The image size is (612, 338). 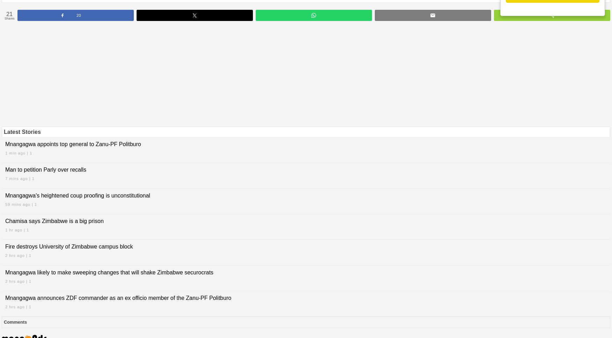 What do you see at coordinates (69, 246) in the screenshot?
I see `'Fire destroys University of Zimbabwe campus block'` at bounding box center [69, 246].